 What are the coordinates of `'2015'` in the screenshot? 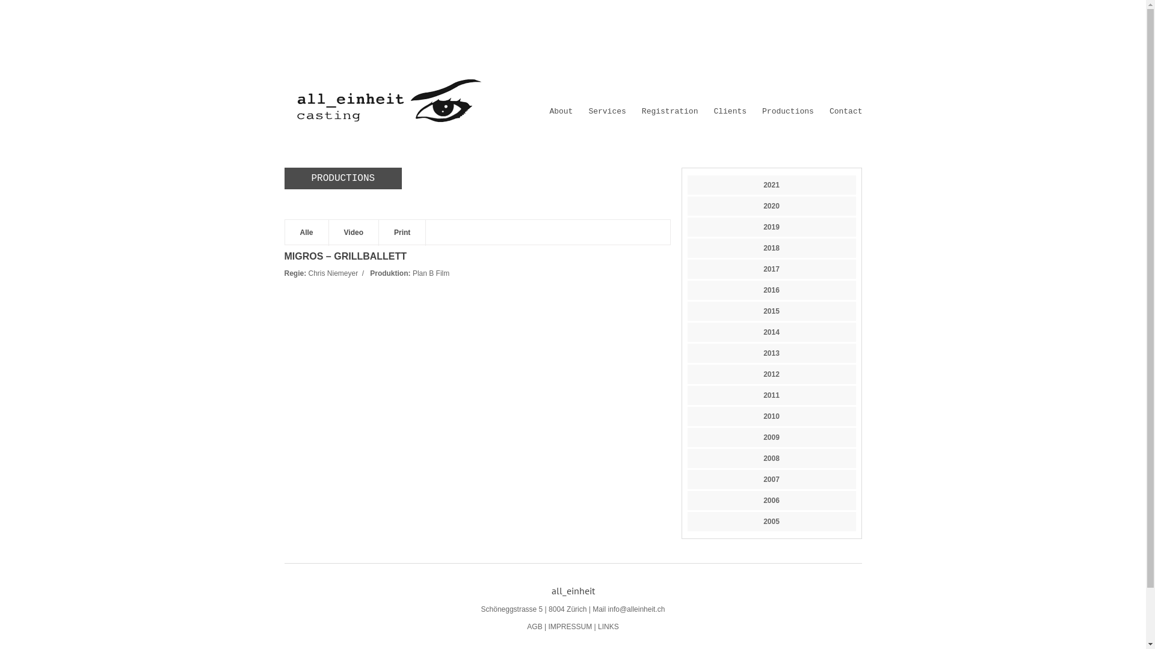 It's located at (771, 310).